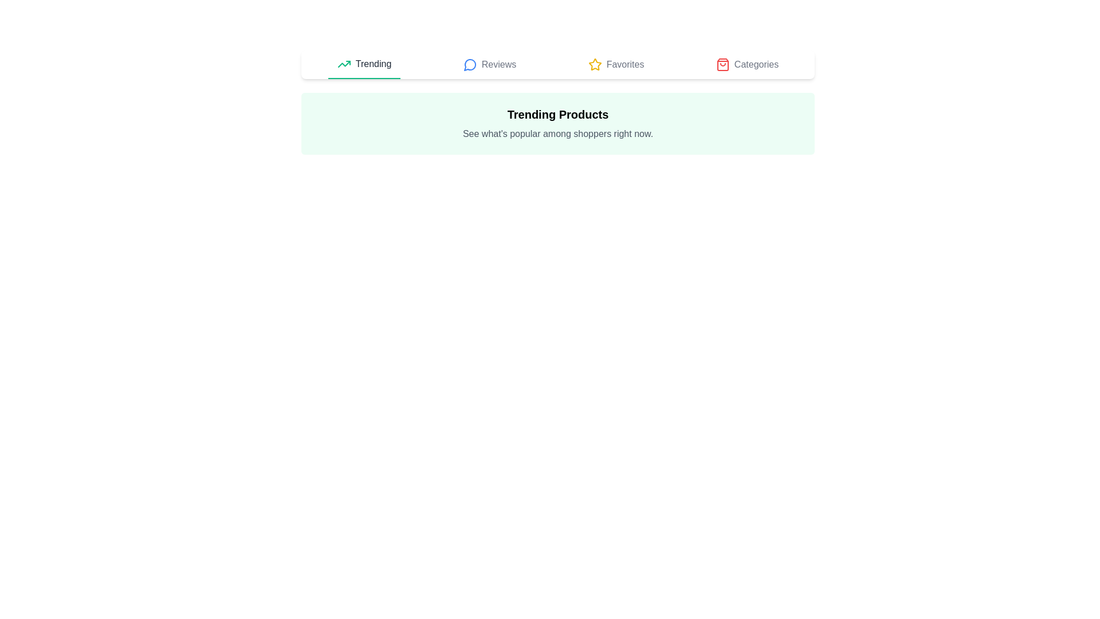 Image resolution: width=1100 pixels, height=619 pixels. I want to click on the 'Categories' button in the navigation menu, so click(747, 64).